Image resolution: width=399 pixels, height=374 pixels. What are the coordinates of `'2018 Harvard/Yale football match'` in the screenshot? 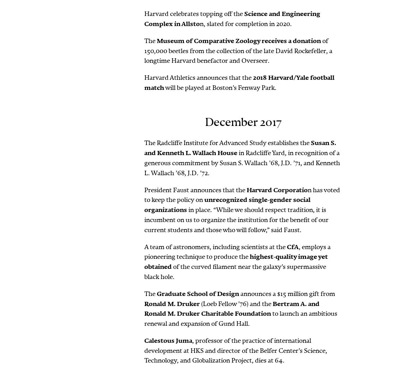 It's located at (239, 82).